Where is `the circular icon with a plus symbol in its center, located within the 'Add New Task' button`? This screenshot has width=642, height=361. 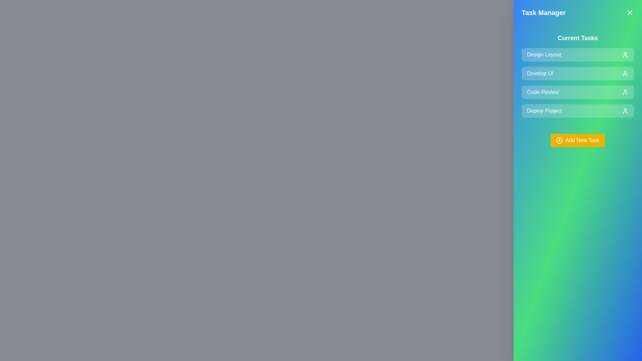 the circular icon with a plus symbol in its center, located within the 'Add New Task' button is located at coordinates (559, 140).